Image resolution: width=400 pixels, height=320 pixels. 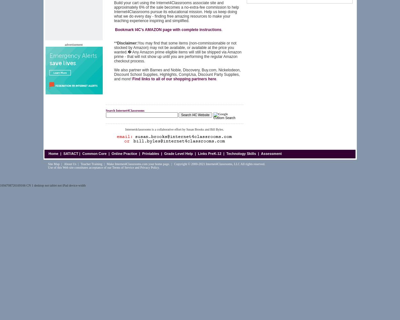 I want to click on 'and', so click(x=137, y=167).